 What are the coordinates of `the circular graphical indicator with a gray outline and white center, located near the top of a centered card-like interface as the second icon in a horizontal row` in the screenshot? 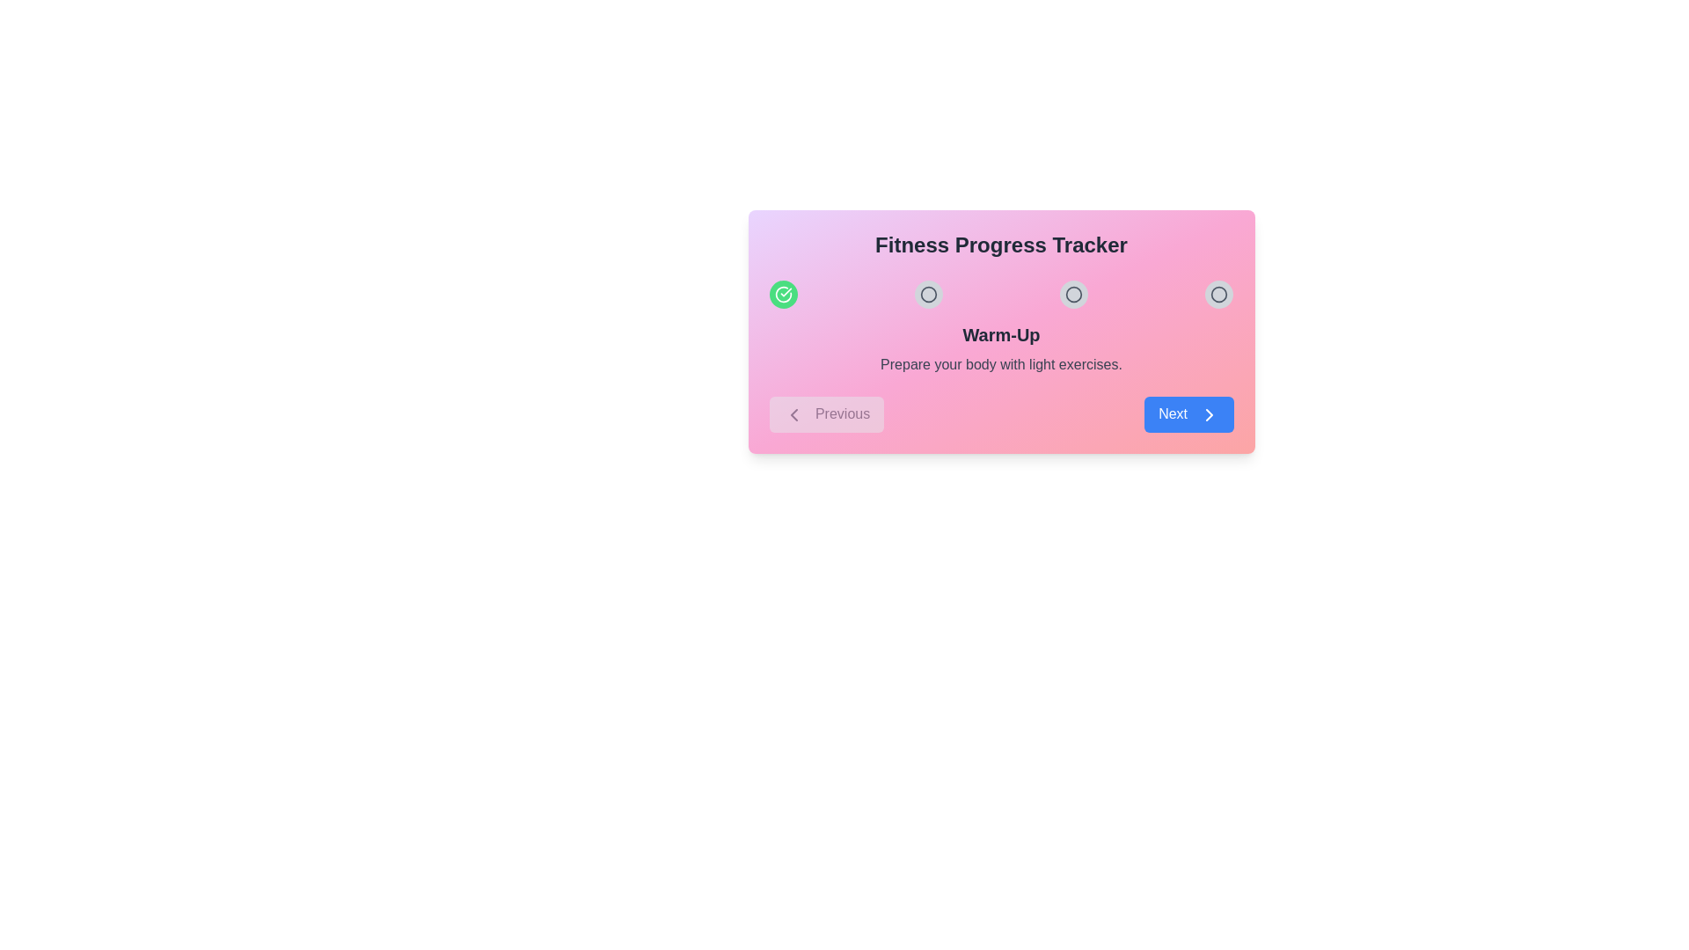 It's located at (927, 294).